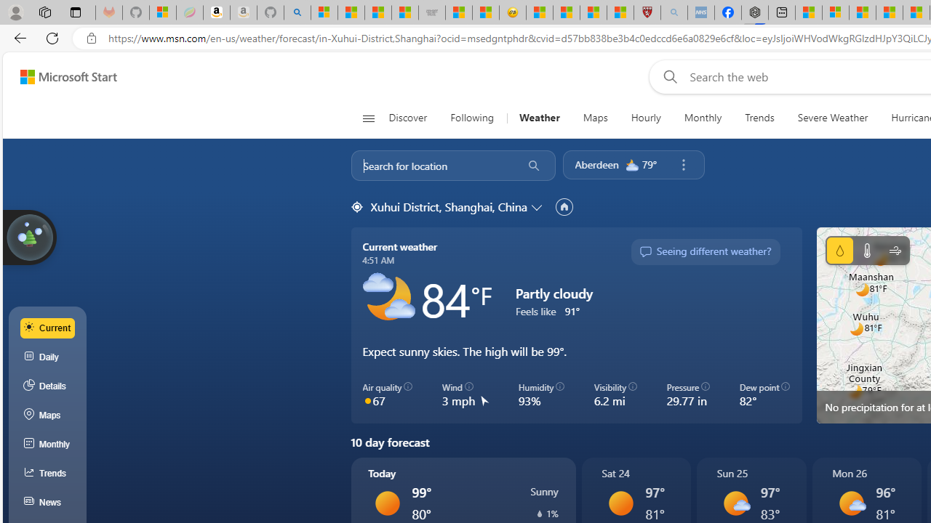 This screenshot has width=931, height=523. Describe the element at coordinates (759, 118) in the screenshot. I see `'Trends'` at that location.